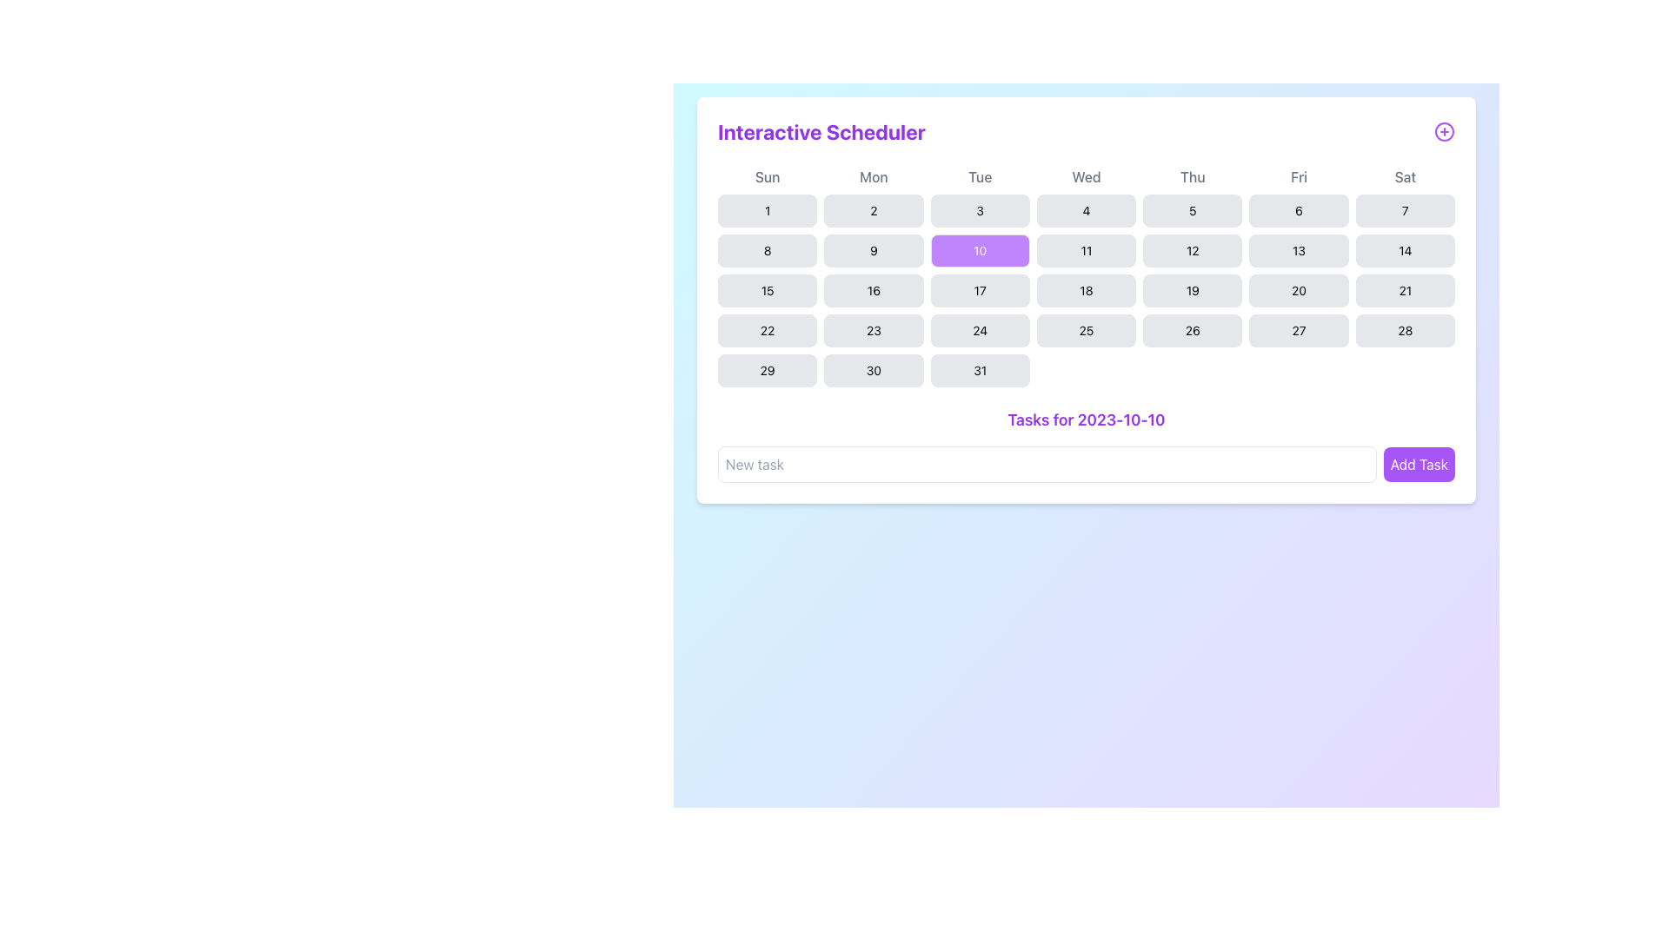  What do you see at coordinates (980, 251) in the screenshot?
I see `the button displaying the number '10' in the calendar grid` at bounding box center [980, 251].